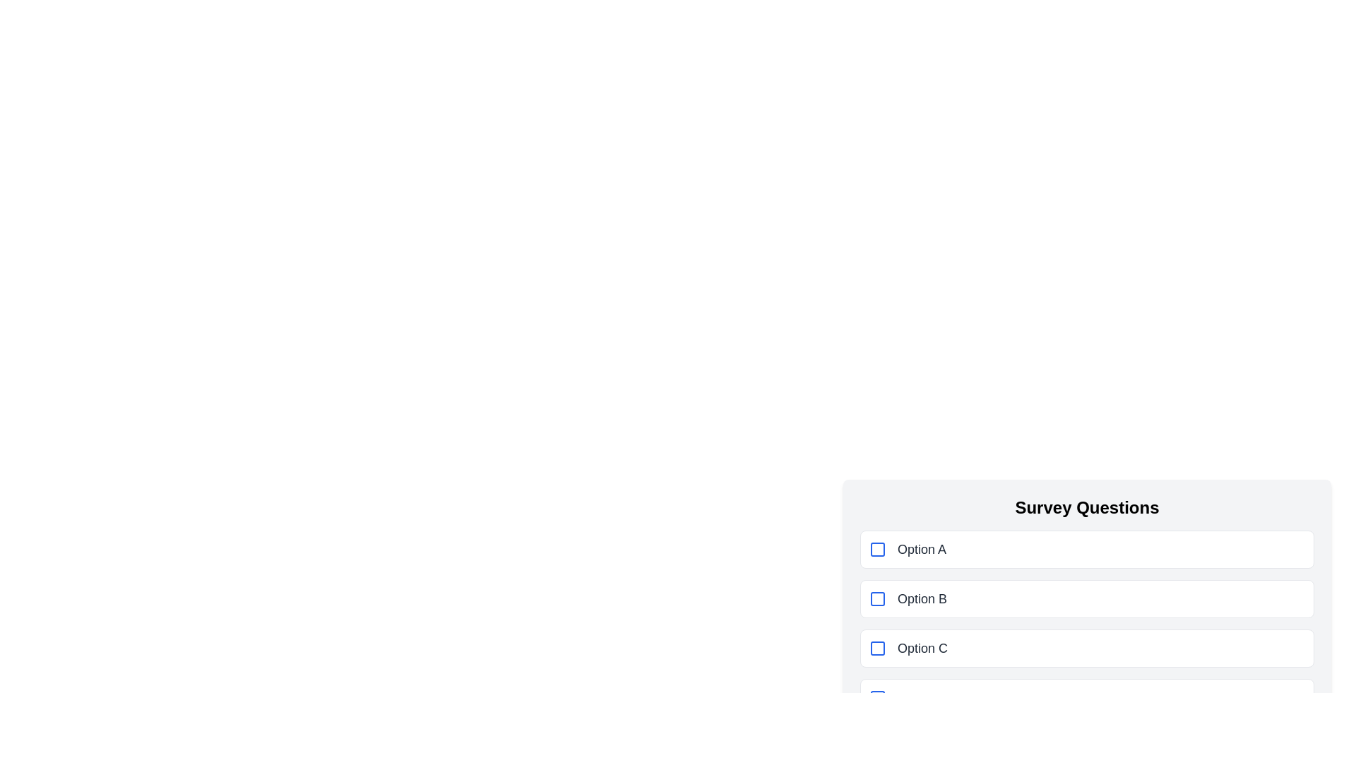  What do you see at coordinates (1086, 549) in the screenshot?
I see `the first selectable option labeled 'Option A' in the survey list for interaction hint` at bounding box center [1086, 549].